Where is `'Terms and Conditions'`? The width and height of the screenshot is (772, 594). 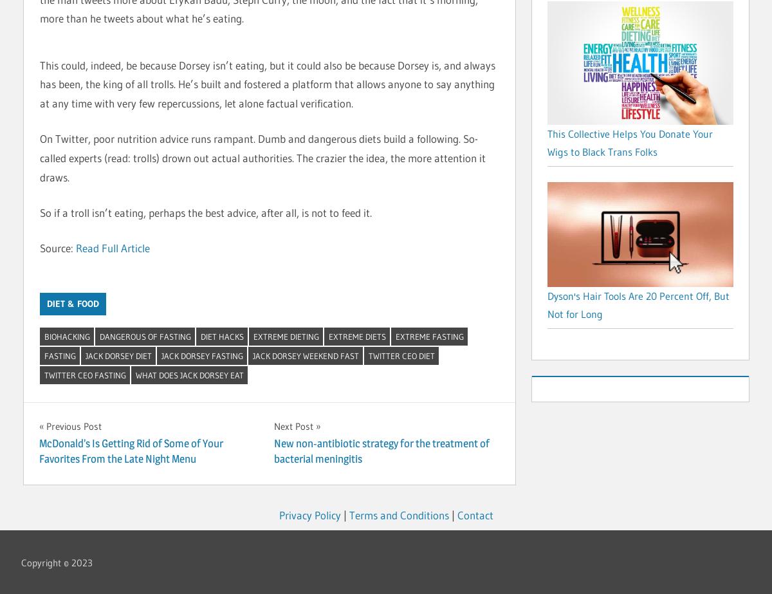
'Terms and Conditions' is located at coordinates (398, 514).